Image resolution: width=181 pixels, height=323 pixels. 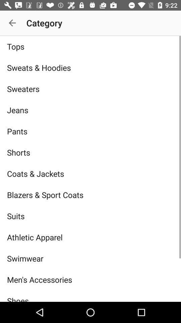 I want to click on men's accessories, so click(x=90, y=280).